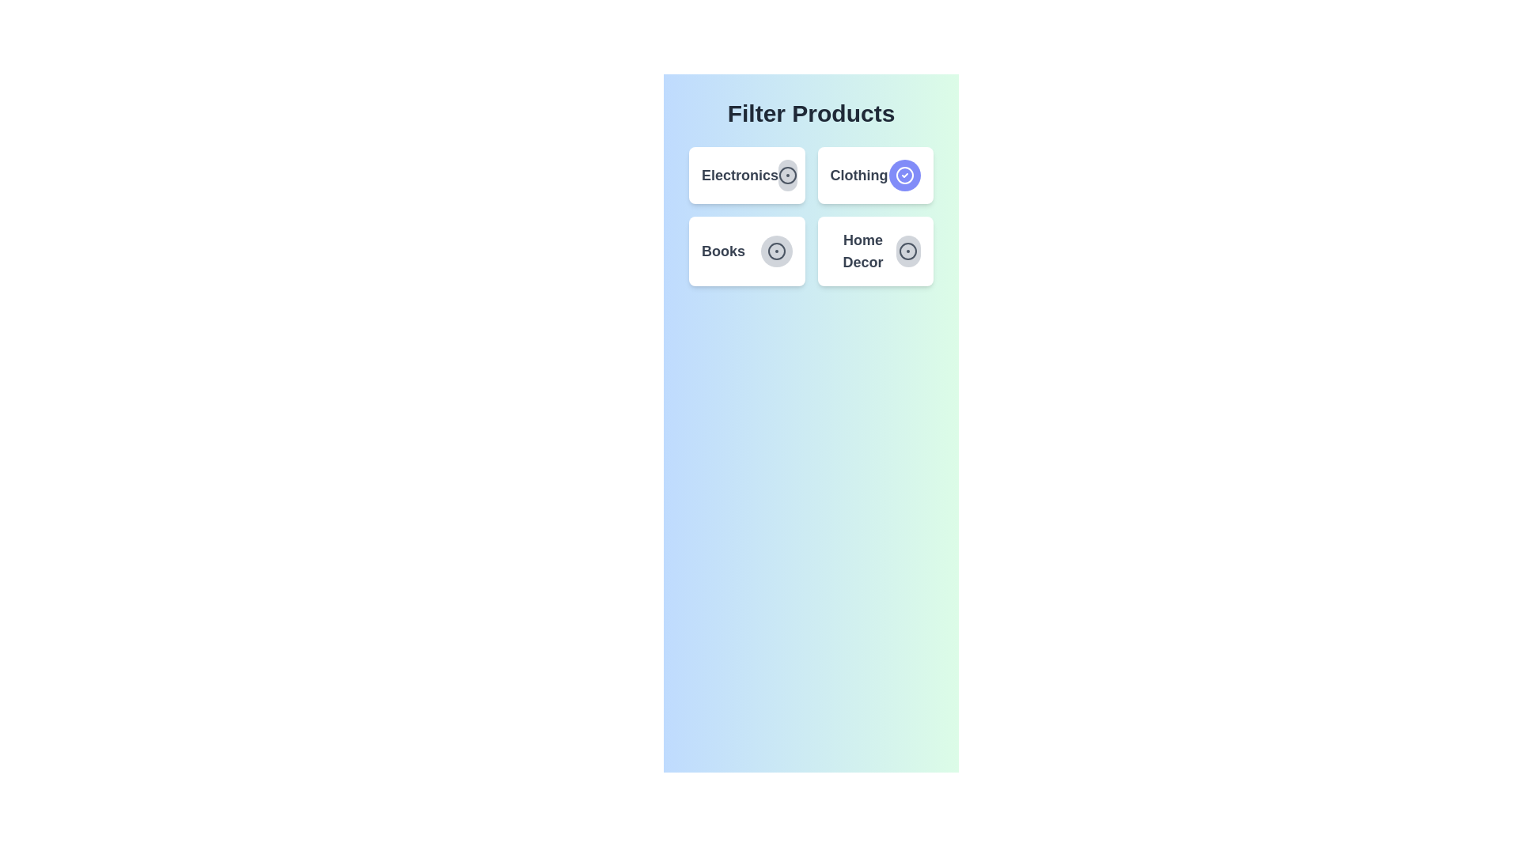 The width and height of the screenshot is (1519, 854). I want to click on the category text label Electronics by clicking on it, so click(739, 176).